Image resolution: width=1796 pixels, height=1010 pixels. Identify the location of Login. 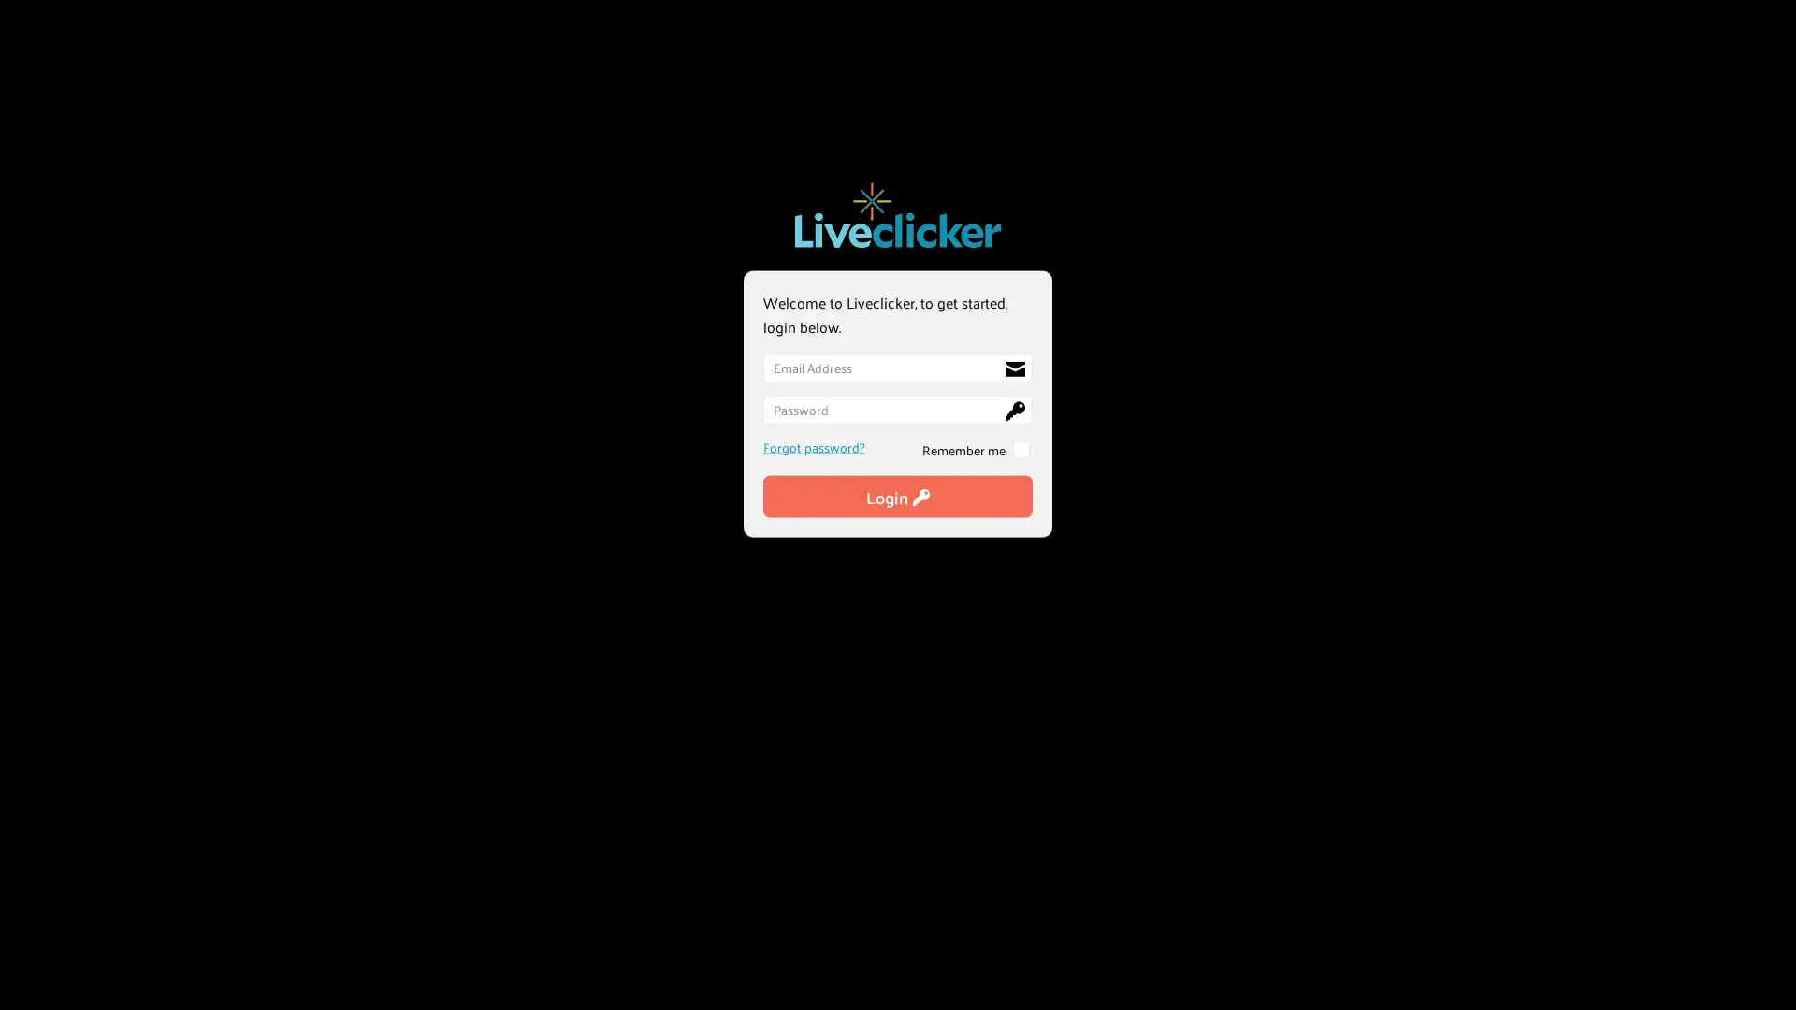
(898, 495).